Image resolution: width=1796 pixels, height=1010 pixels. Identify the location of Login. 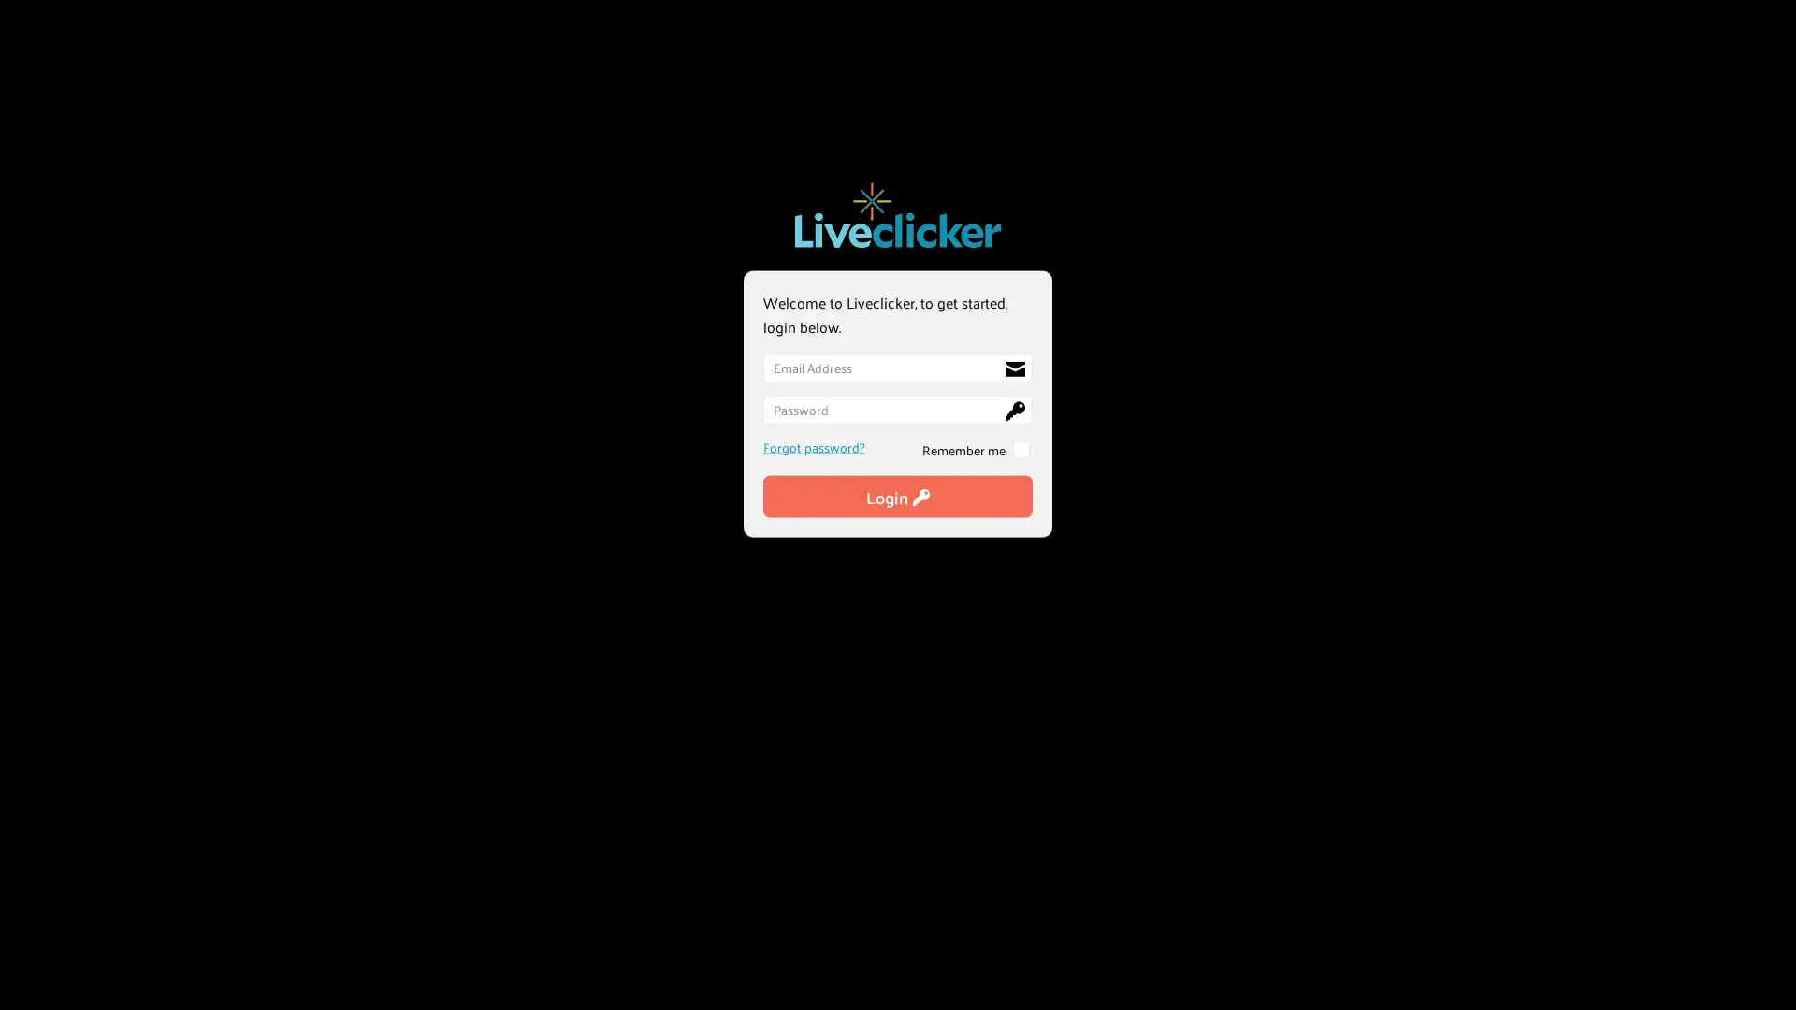
(898, 495).